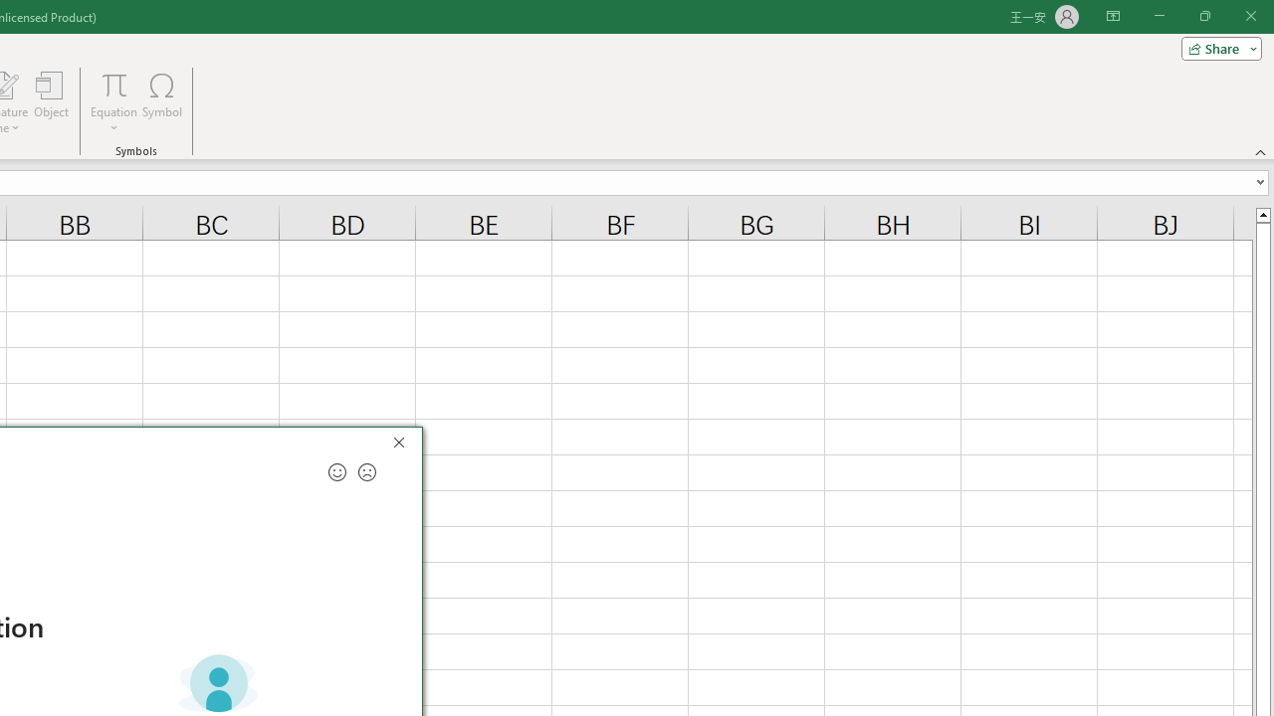 Image resolution: width=1274 pixels, height=716 pixels. Describe the element at coordinates (113, 84) in the screenshot. I see `'Equation'` at that location.